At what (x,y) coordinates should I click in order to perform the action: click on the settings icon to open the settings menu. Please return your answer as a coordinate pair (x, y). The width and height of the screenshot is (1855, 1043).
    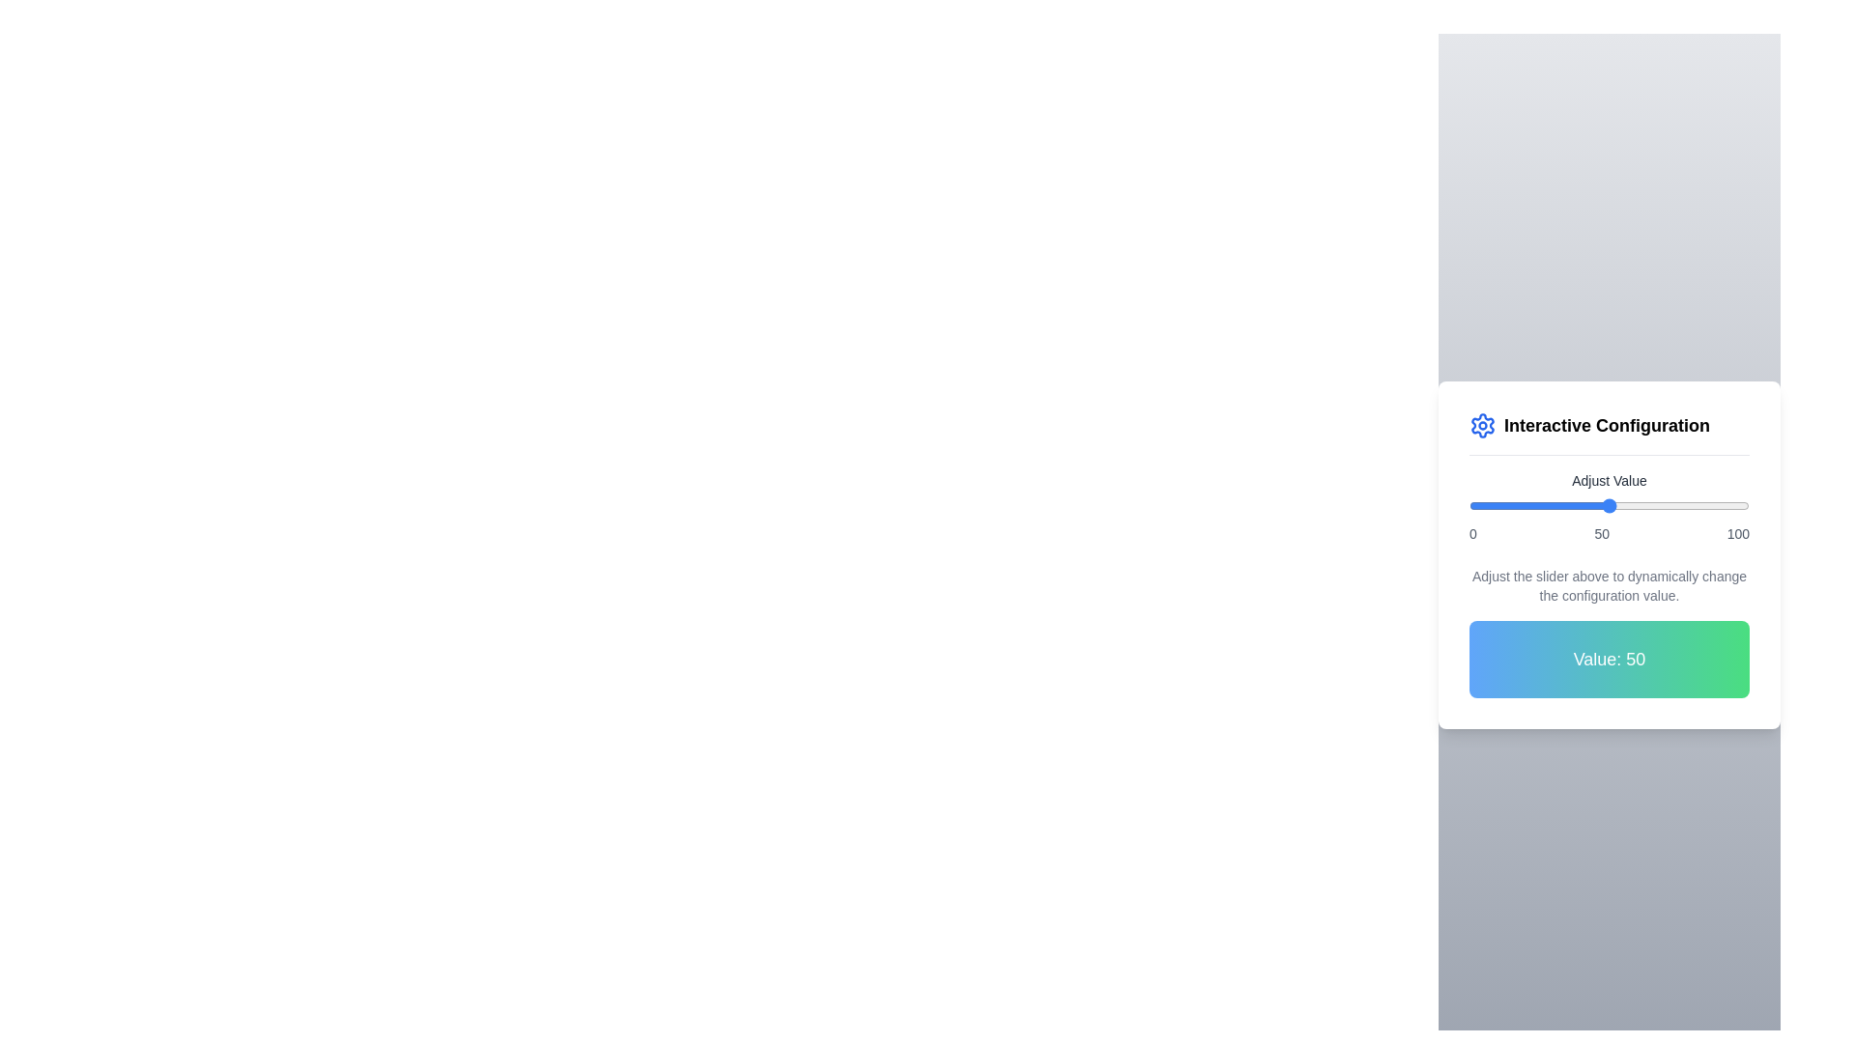
    Looking at the image, I should click on (1482, 424).